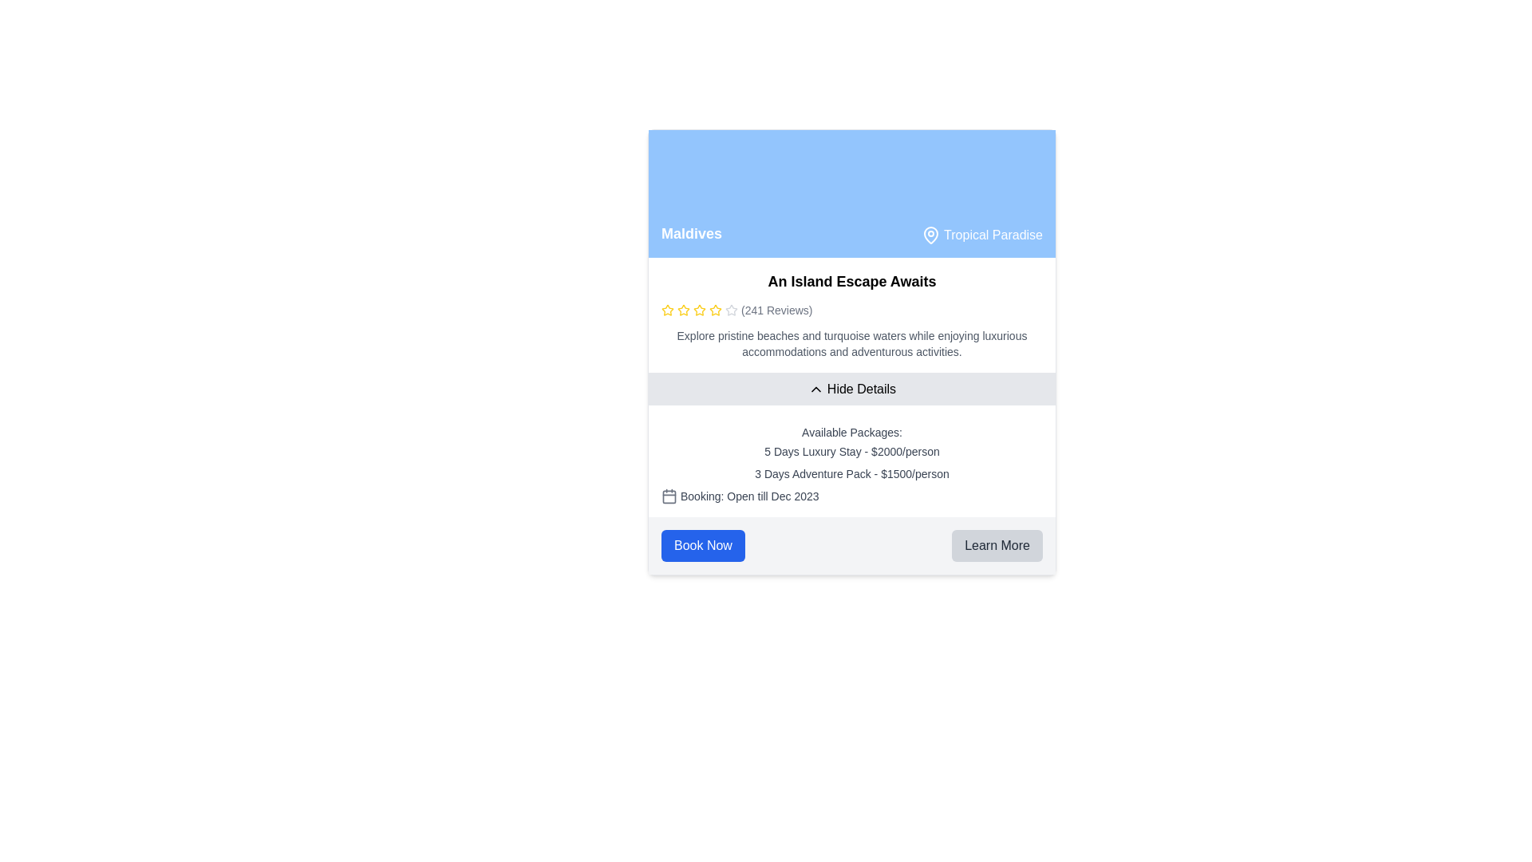 Image resolution: width=1532 pixels, height=862 pixels. Describe the element at coordinates (700, 310) in the screenshot. I see `the fifth star-shaped icon in the user rating display, which is styled with a yellow color outline and is part of a sequence of rating icons` at that location.